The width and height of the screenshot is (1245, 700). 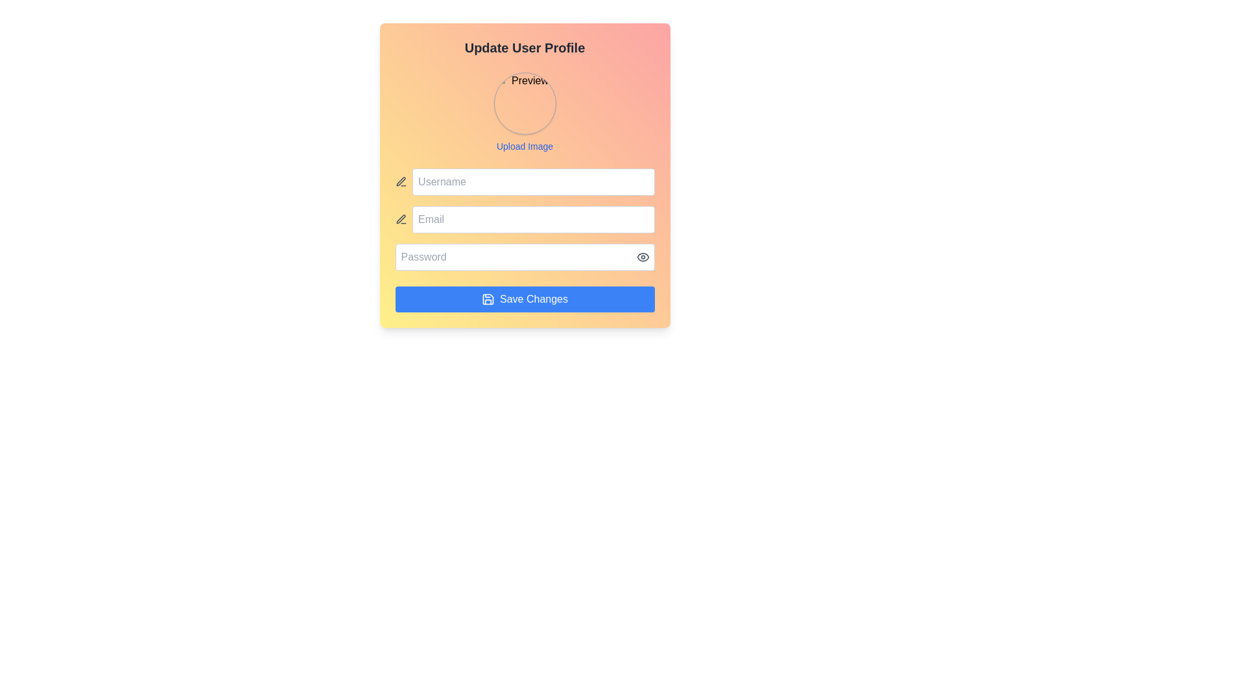 I want to click on the email input field located below the 'Username' field and above the 'Password' field for visual feedback, so click(x=525, y=219).